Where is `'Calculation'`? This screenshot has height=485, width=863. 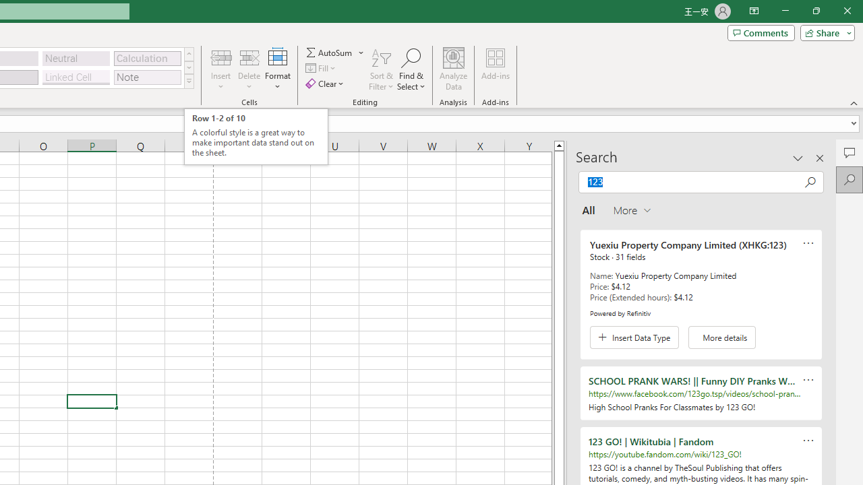 'Calculation' is located at coordinates (147, 57).